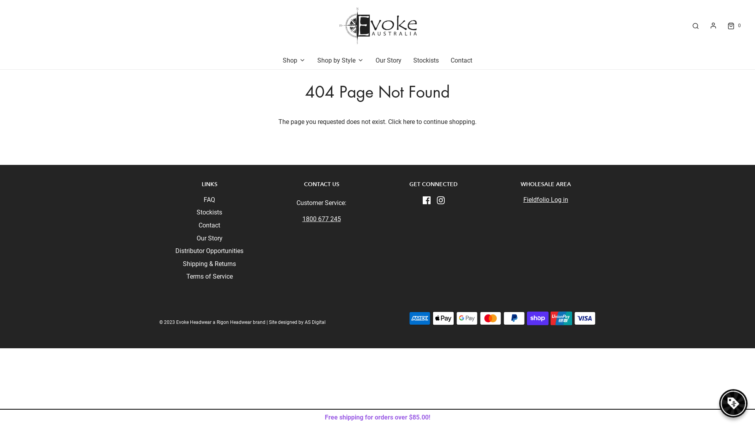 This screenshot has height=425, width=755. I want to click on 'Our Story', so click(389, 60).